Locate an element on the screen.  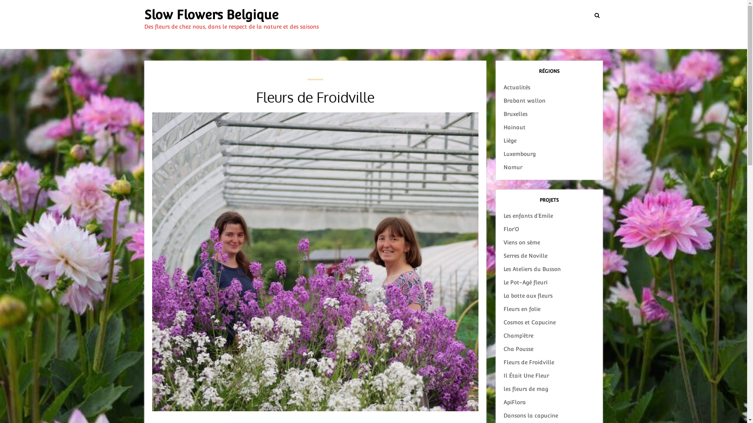
'Namur' is located at coordinates (513, 167).